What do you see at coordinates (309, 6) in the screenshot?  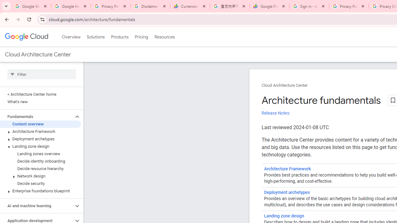 I see `'Sign in - Google Accounts'` at bounding box center [309, 6].